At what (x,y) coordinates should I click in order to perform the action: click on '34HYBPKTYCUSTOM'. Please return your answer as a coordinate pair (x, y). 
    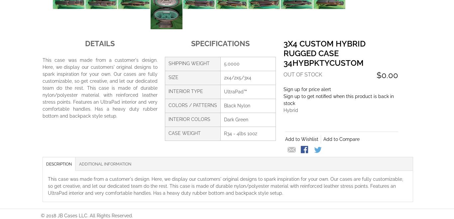
    Looking at the image, I should click on (283, 62).